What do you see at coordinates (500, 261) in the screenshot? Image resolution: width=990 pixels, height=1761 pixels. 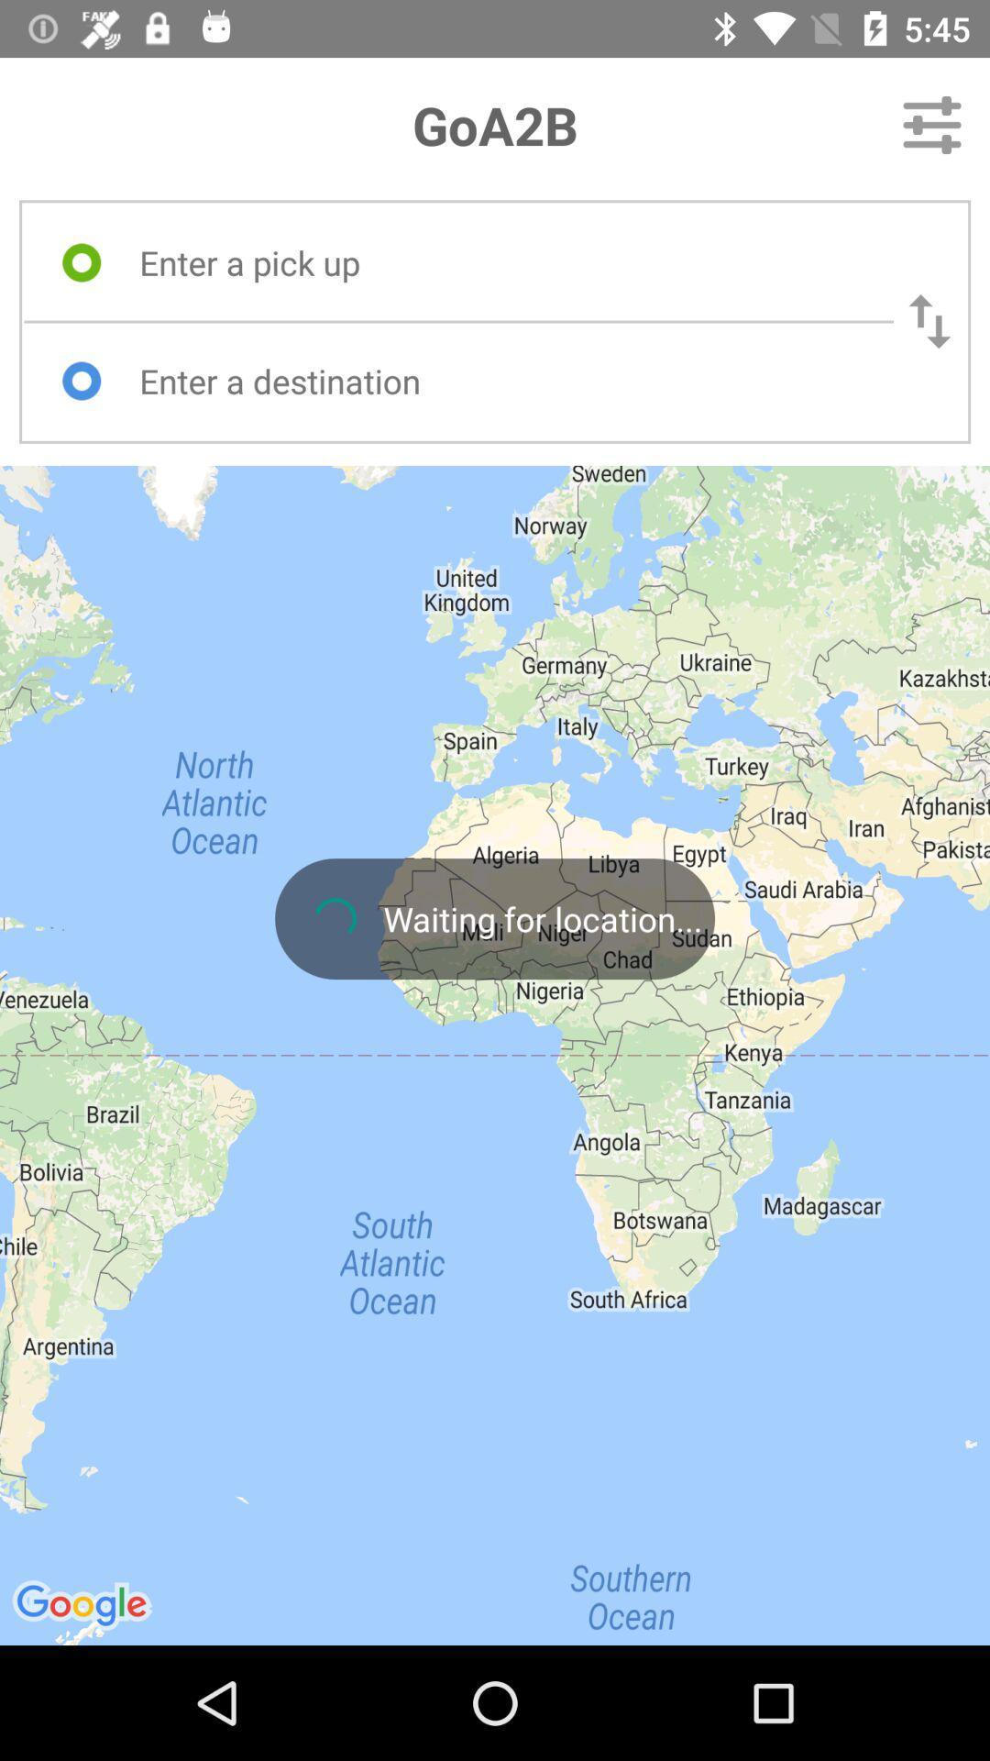 I see `starting address` at bounding box center [500, 261].